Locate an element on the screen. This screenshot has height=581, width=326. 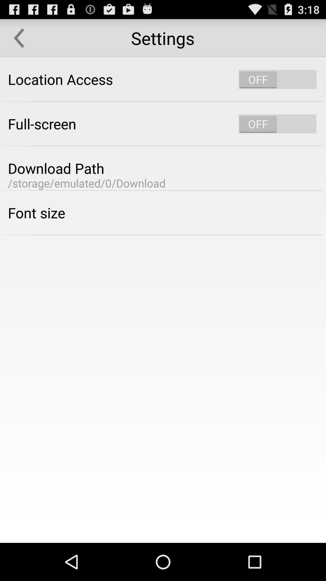
the arrow_backward icon is located at coordinates (18, 40).